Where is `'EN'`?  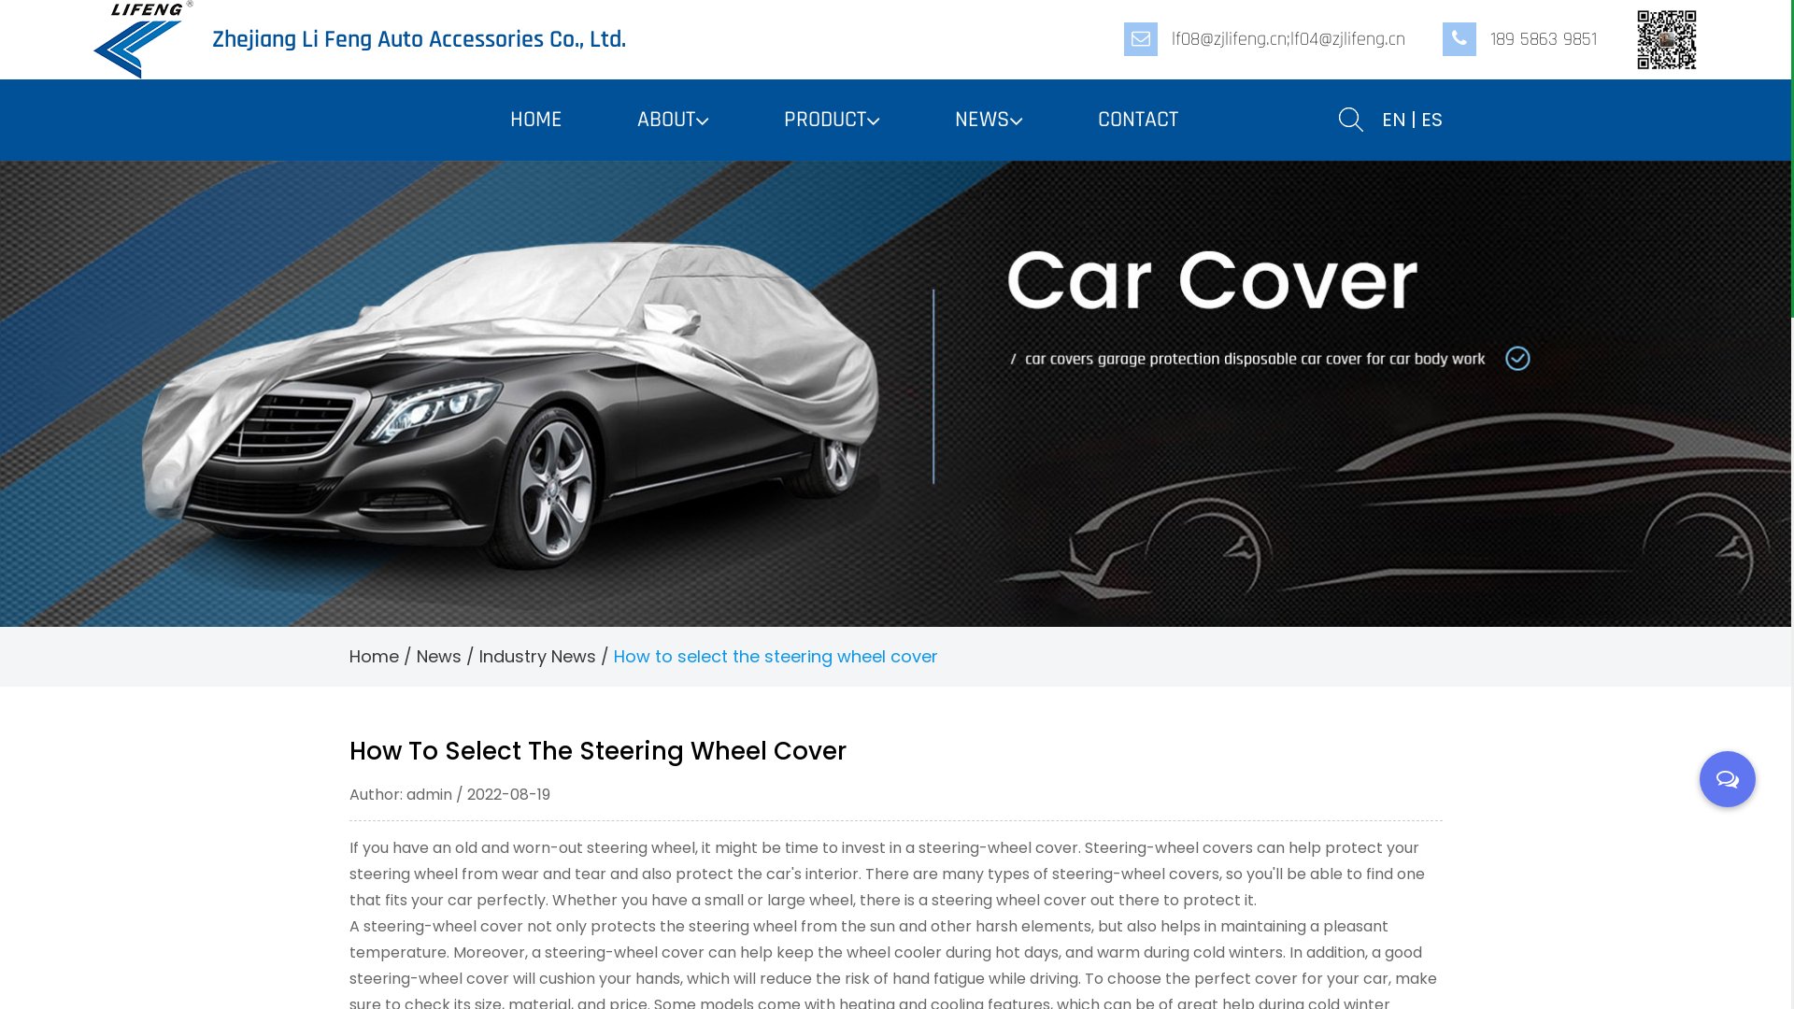
'EN' is located at coordinates (1393, 119).